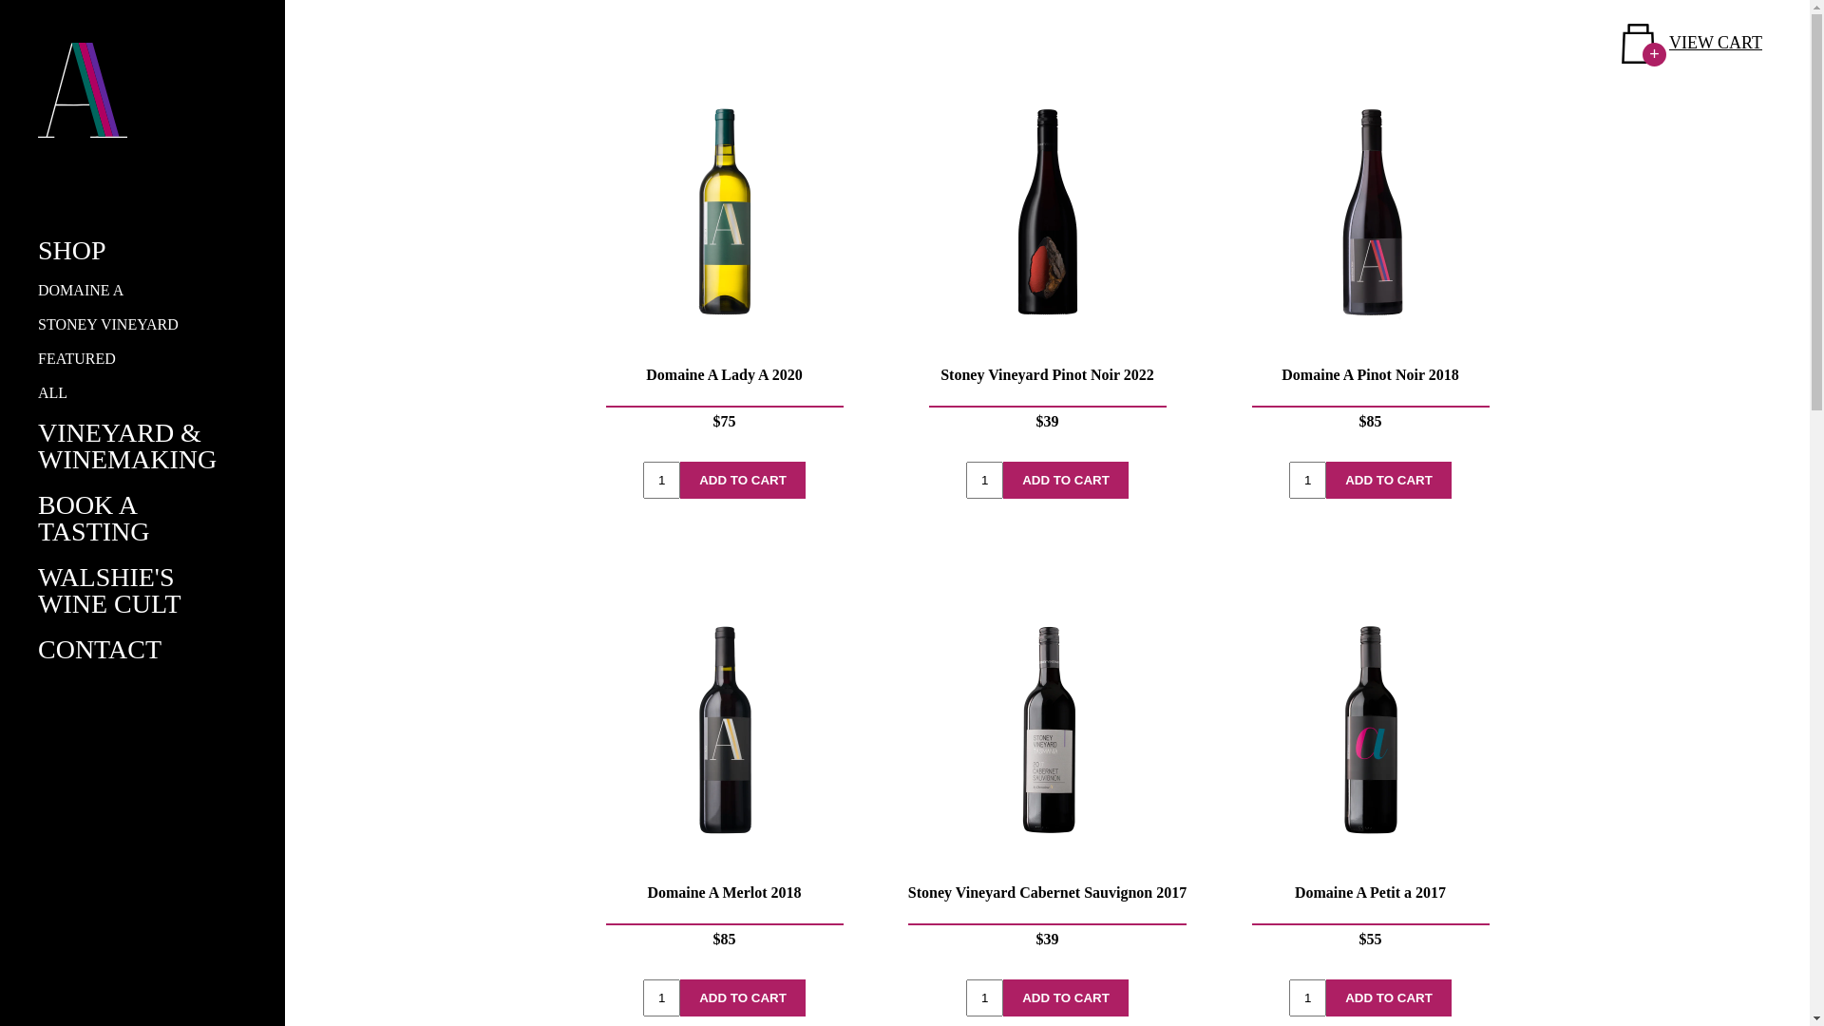 This screenshot has height=1026, width=1824. I want to click on 'ADD TO CART', so click(1389, 997).